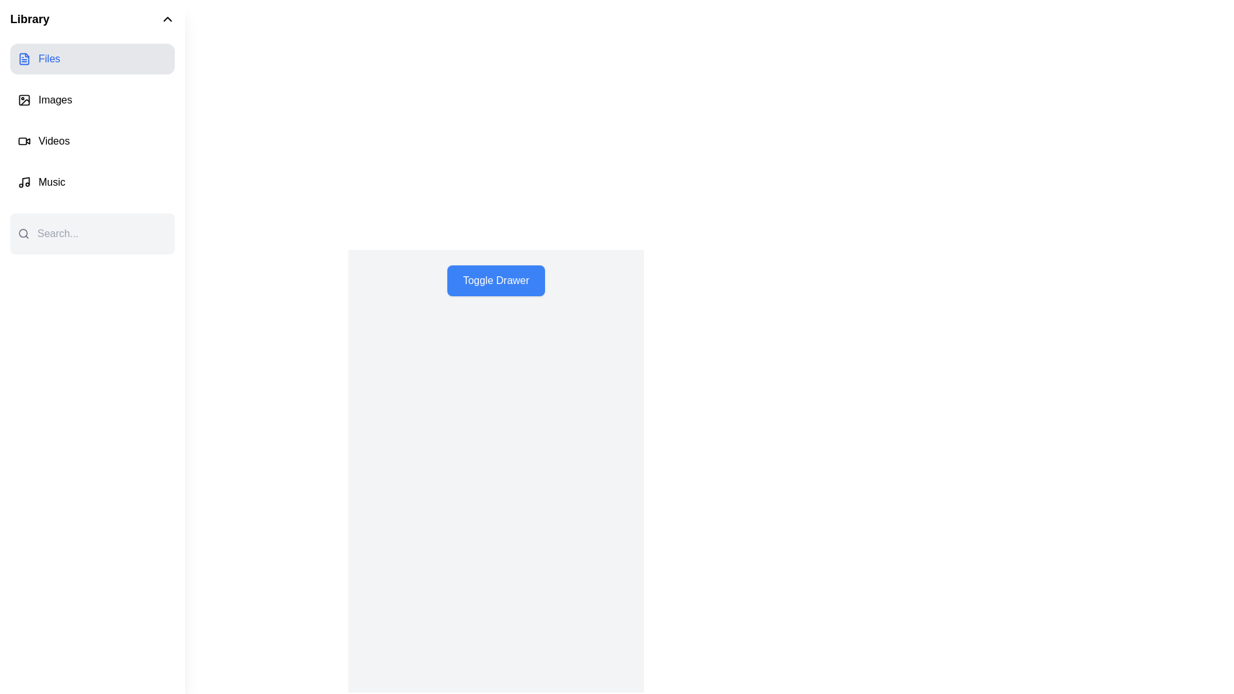  I want to click on the text label that reads 'Files', styled in blue on a light gray background, located in the left sidebar under the 'Library' heading, so click(49, 59).